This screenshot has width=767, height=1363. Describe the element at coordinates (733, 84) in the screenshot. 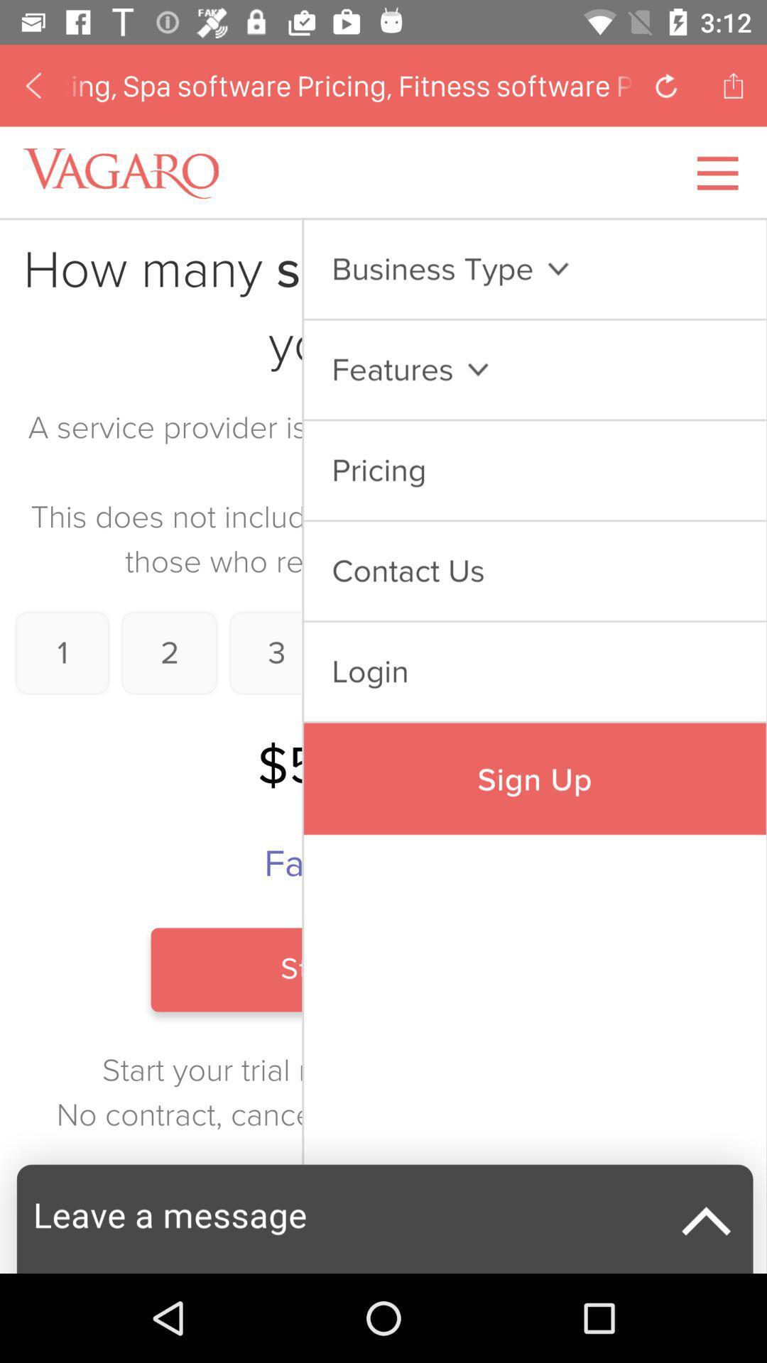

I see `share page` at that location.